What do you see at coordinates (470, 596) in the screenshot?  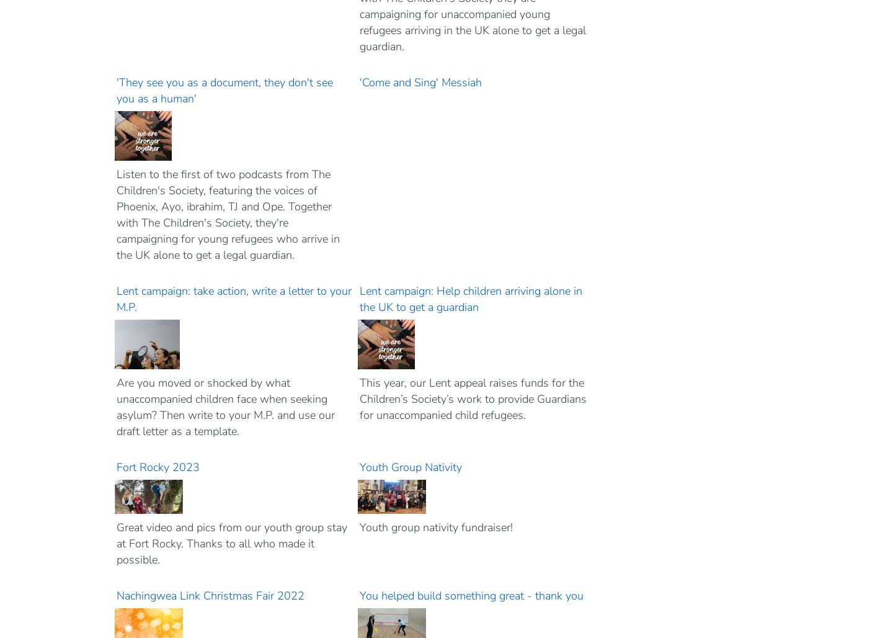 I see `'You helped build something great - thank you'` at bounding box center [470, 596].